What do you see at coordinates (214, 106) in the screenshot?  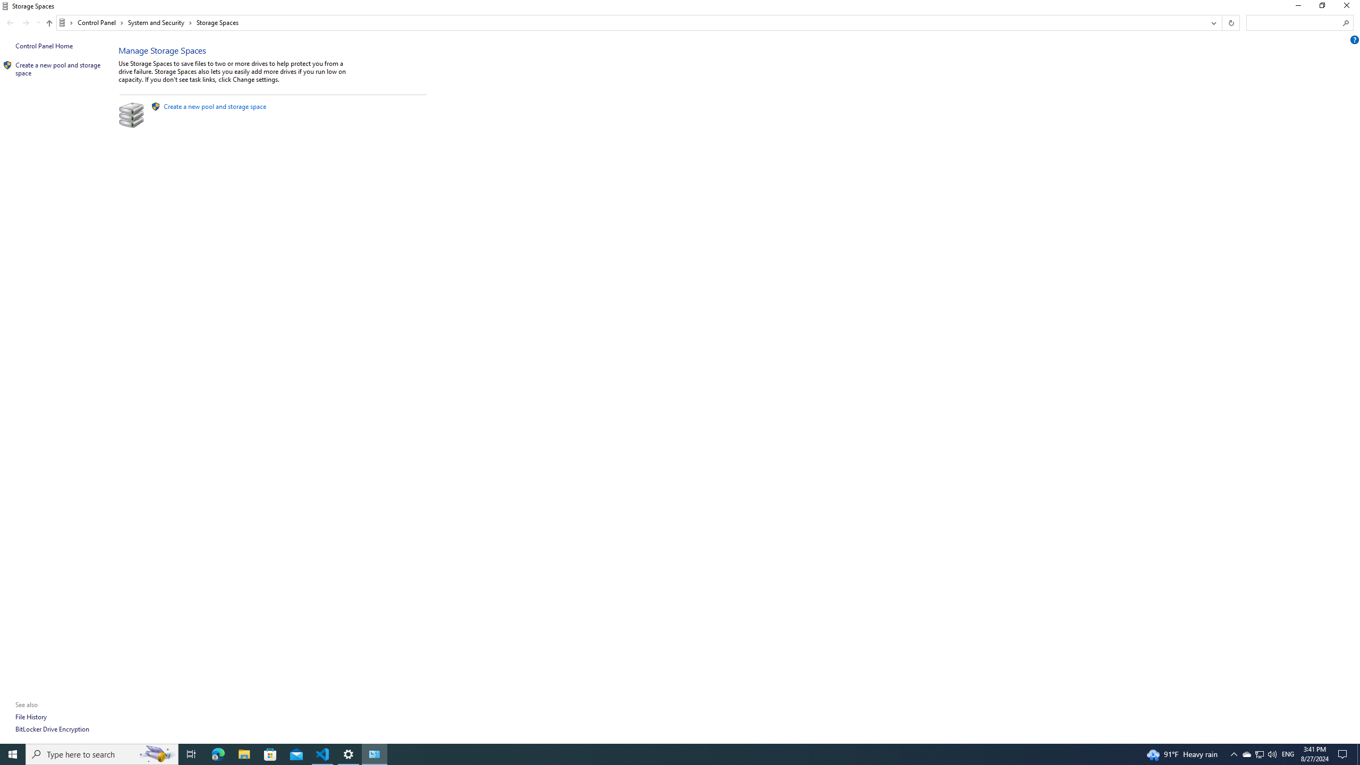 I see `'Create a new pool and storage space'` at bounding box center [214, 106].